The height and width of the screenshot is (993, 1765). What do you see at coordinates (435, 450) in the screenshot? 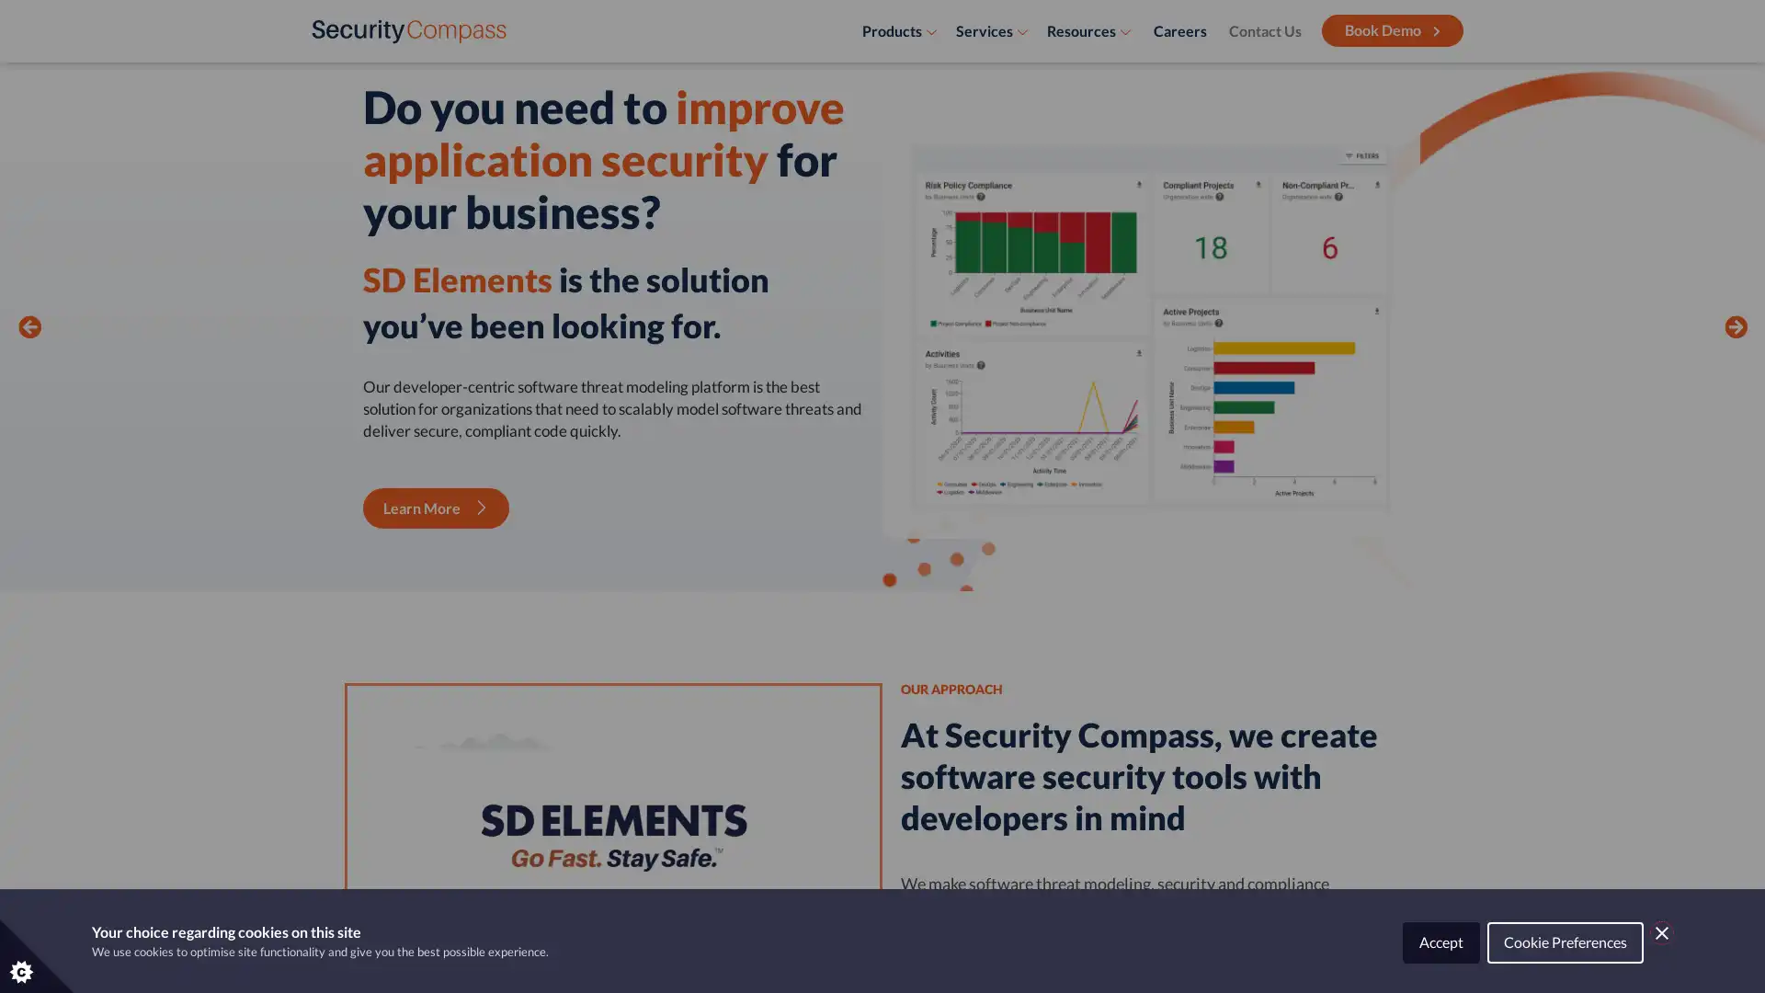
I see `Learn More` at bounding box center [435, 450].